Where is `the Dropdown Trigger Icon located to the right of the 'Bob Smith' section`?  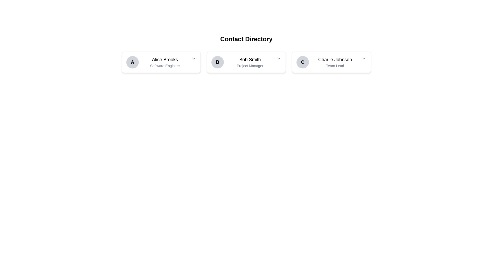
the Dropdown Trigger Icon located to the right of the 'Bob Smith' section is located at coordinates (279, 58).